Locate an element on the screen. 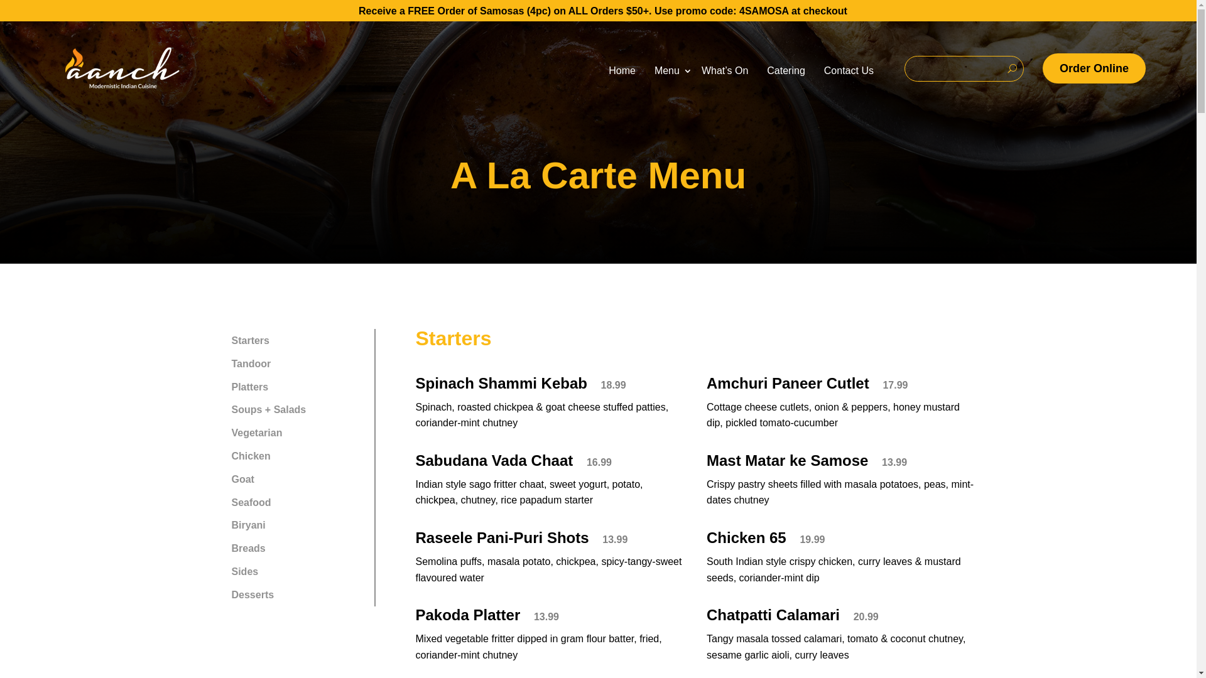 This screenshot has width=1206, height=678. 'Vegetarian' is located at coordinates (298, 432).